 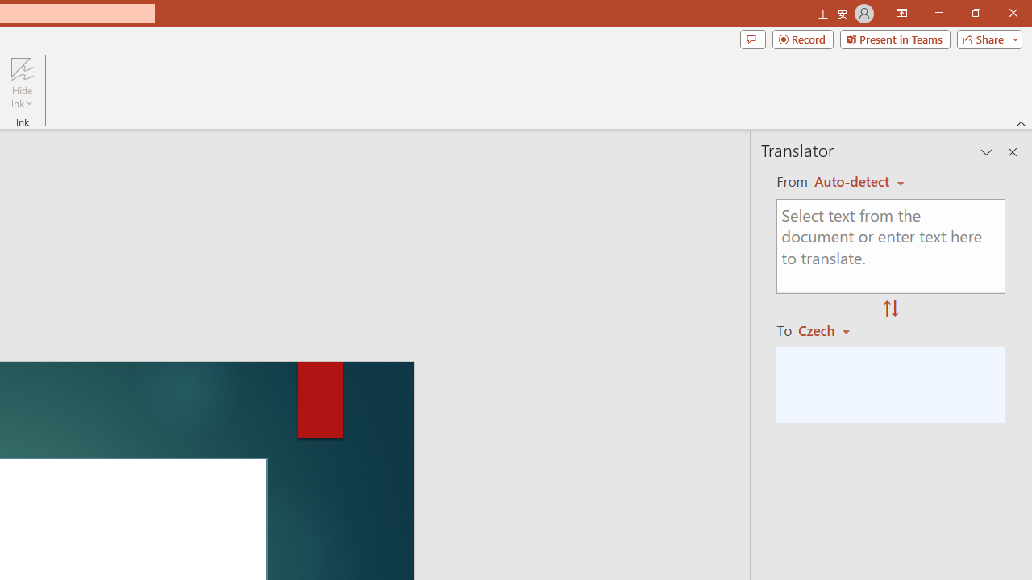 I want to click on 'Close pane', so click(x=1012, y=152).